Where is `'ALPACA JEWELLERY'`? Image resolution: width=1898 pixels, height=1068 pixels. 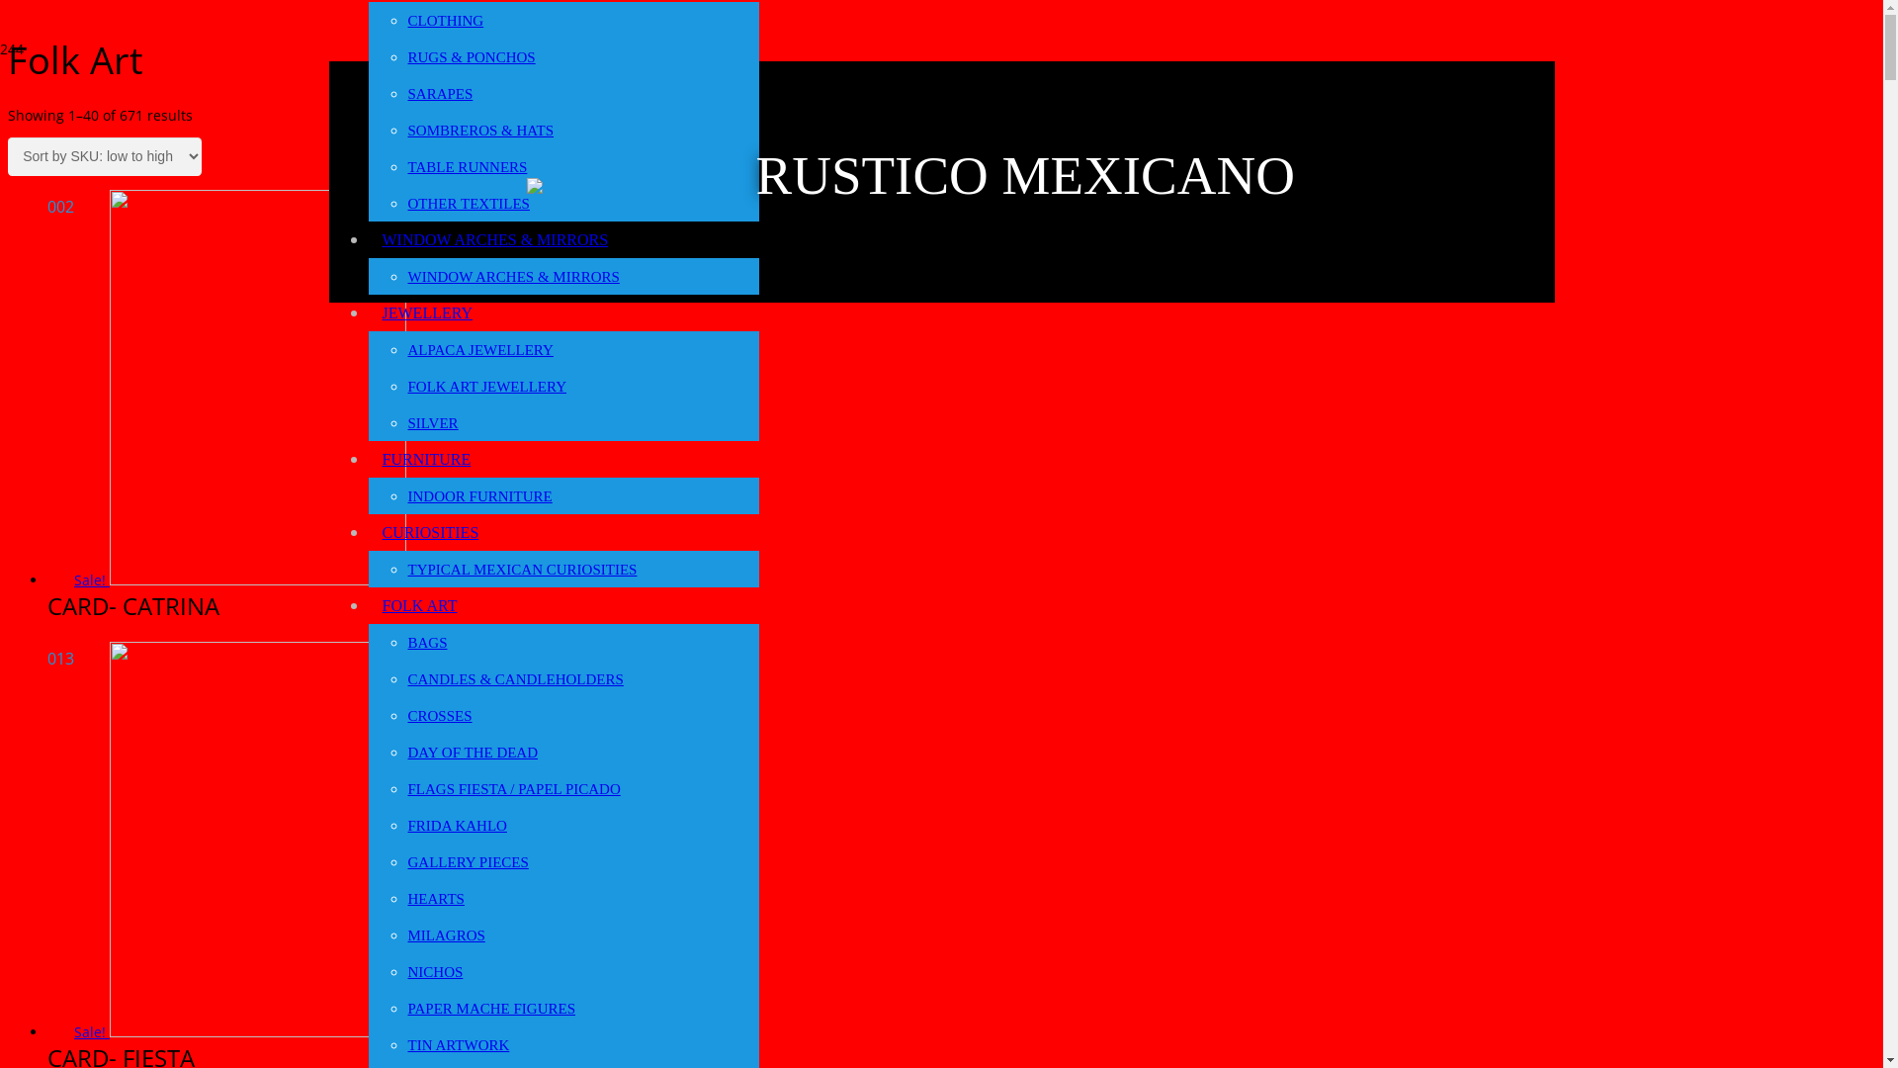 'ALPACA JEWELLERY' is located at coordinates (479, 349).